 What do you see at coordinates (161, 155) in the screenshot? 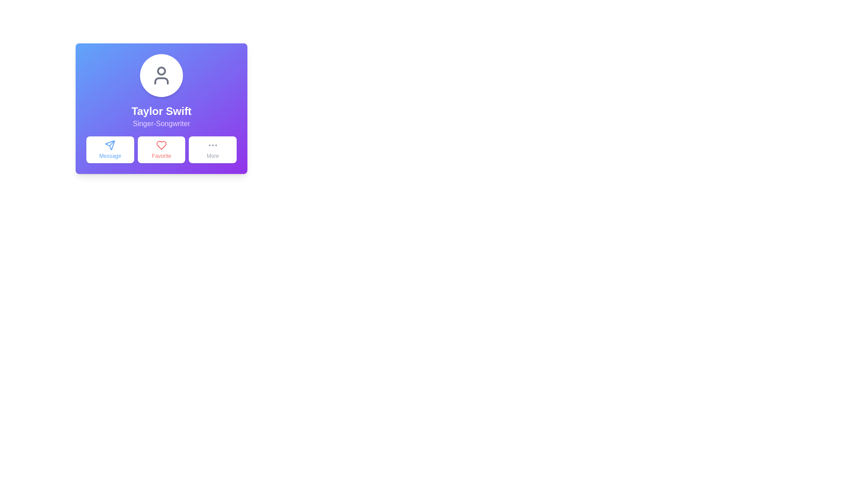
I see `text label displaying the word 'Favorite', which is styled in a muted red color and positioned below a heart-shaped icon on a rounded rectangle button` at bounding box center [161, 155].